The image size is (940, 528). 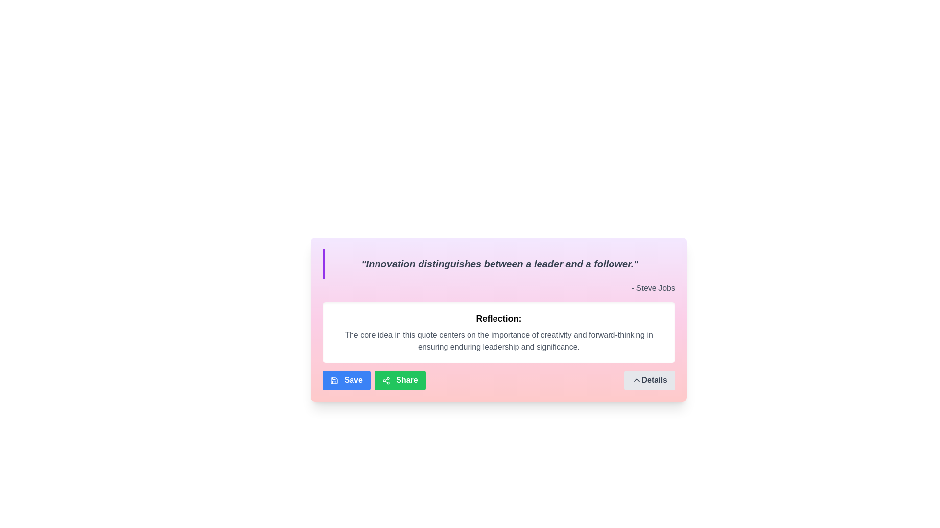 I want to click on the upward chevron icon located within the 'Details' button at the bottom-right corner of the main interface panel, so click(x=636, y=380).